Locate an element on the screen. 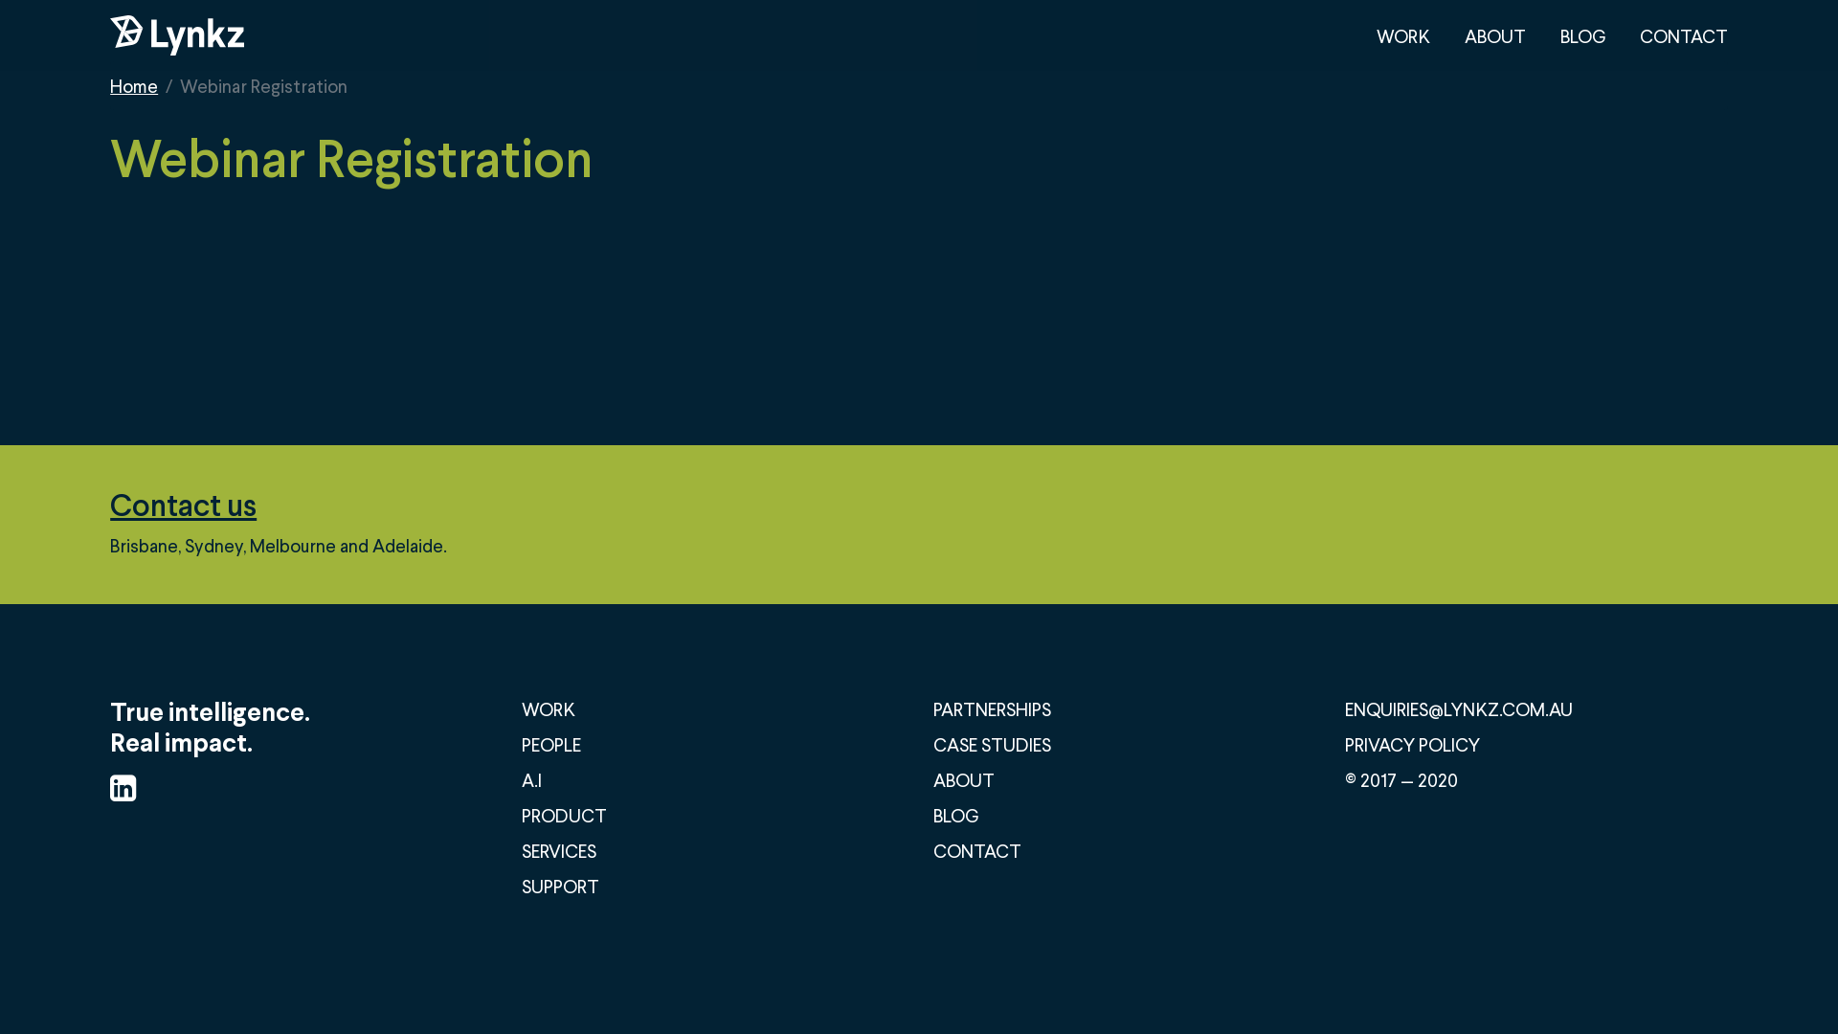 This screenshot has height=1034, width=1838. 'BLOG' is located at coordinates (1560, 35).